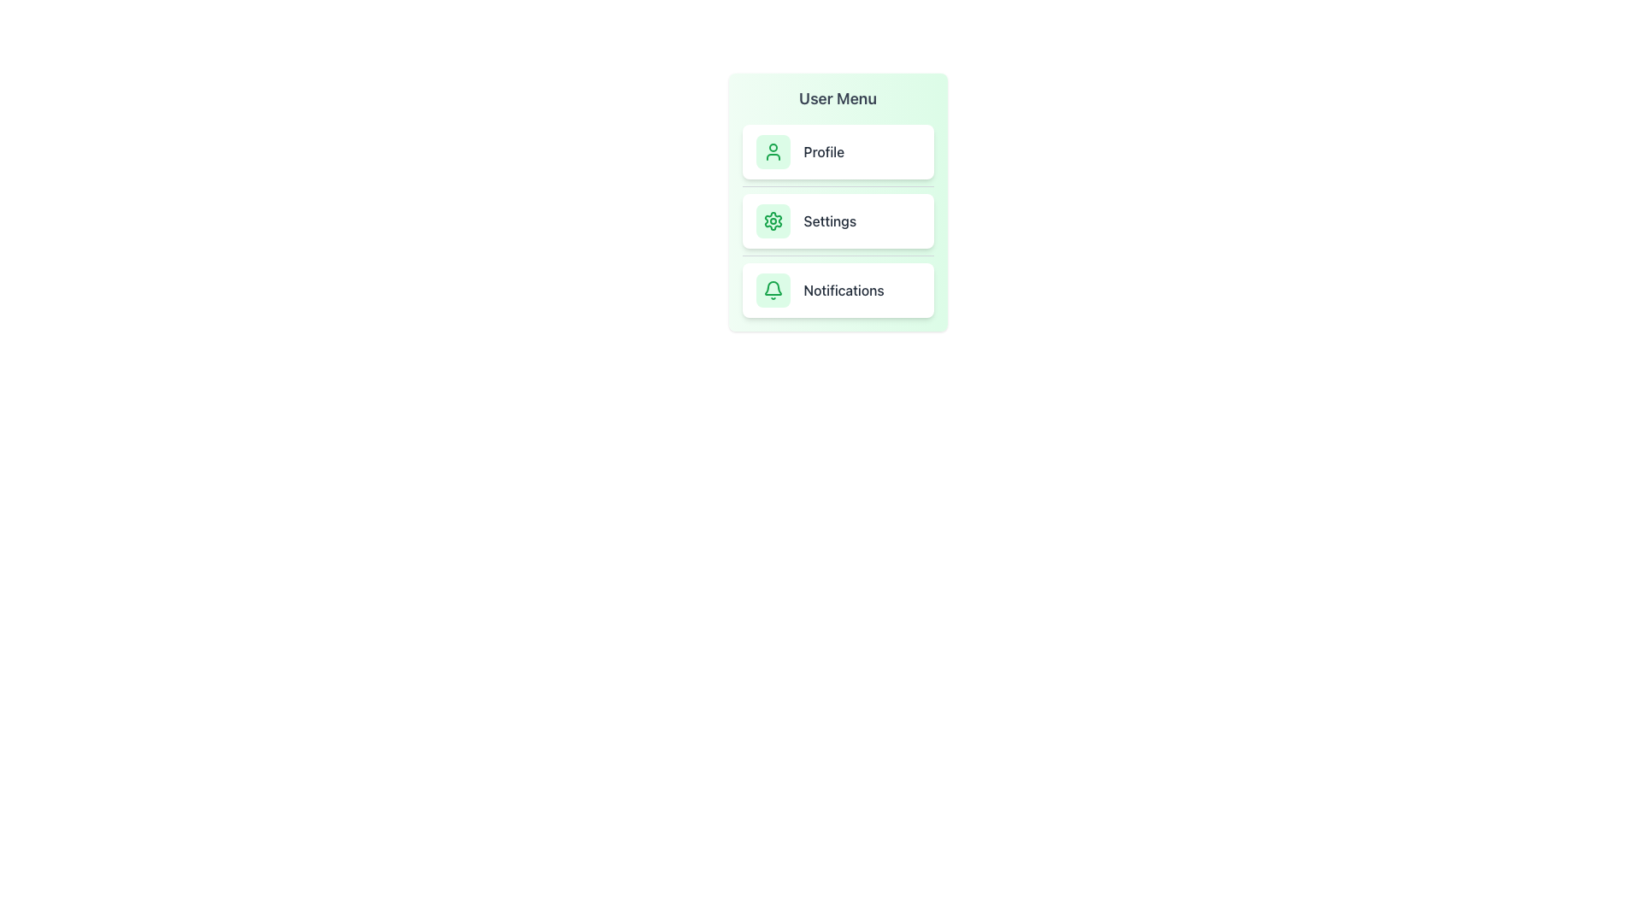 The image size is (1641, 923). What do you see at coordinates (838, 150) in the screenshot?
I see `the navigation button under the 'User Menu' heading` at bounding box center [838, 150].